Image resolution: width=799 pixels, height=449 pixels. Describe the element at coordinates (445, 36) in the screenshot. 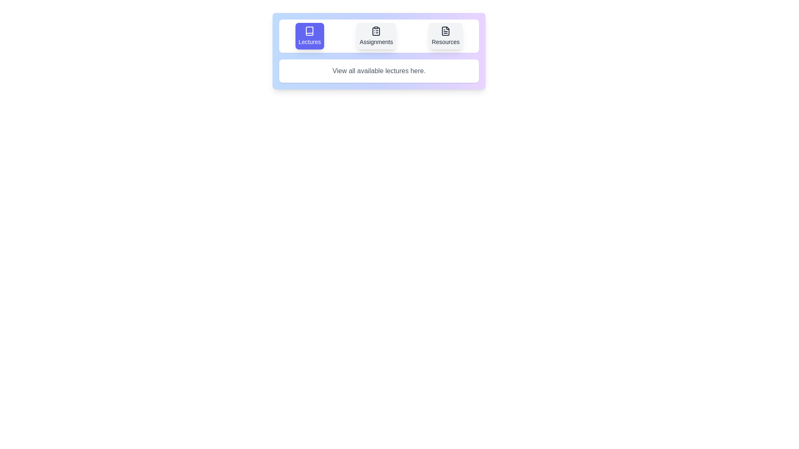

I see `the Resources tab by clicking on its button` at that location.